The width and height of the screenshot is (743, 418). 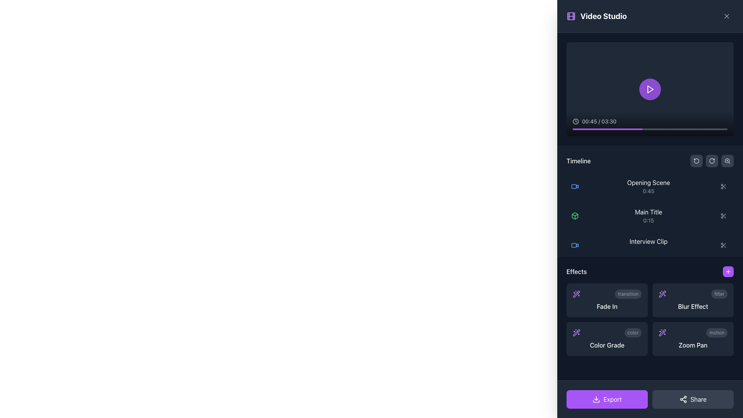 I want to click on the close button represented by an 'X' icon located at the upper right corner of the interface, so click(x=726, y=16).